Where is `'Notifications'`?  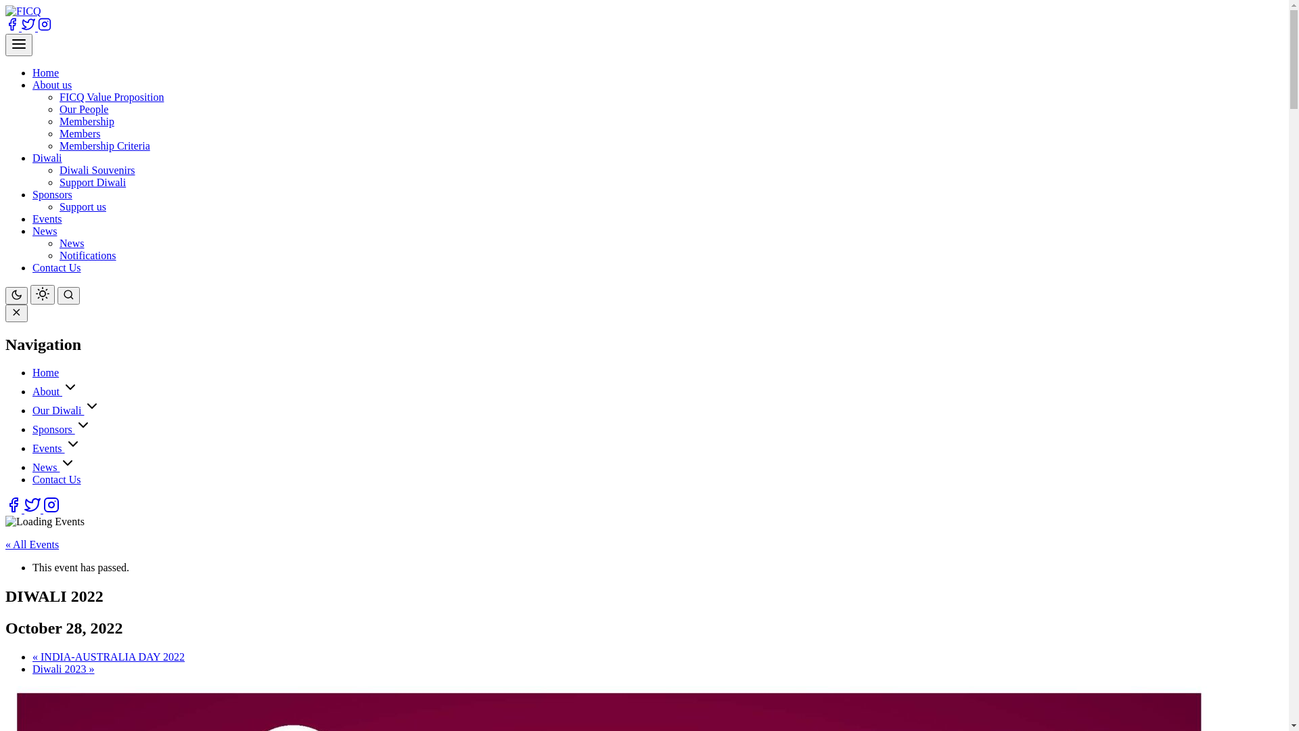 'Notifications' is located at coordinates (58, 255).